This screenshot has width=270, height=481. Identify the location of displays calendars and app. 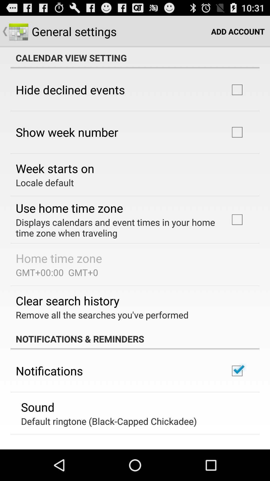
(116, 227).